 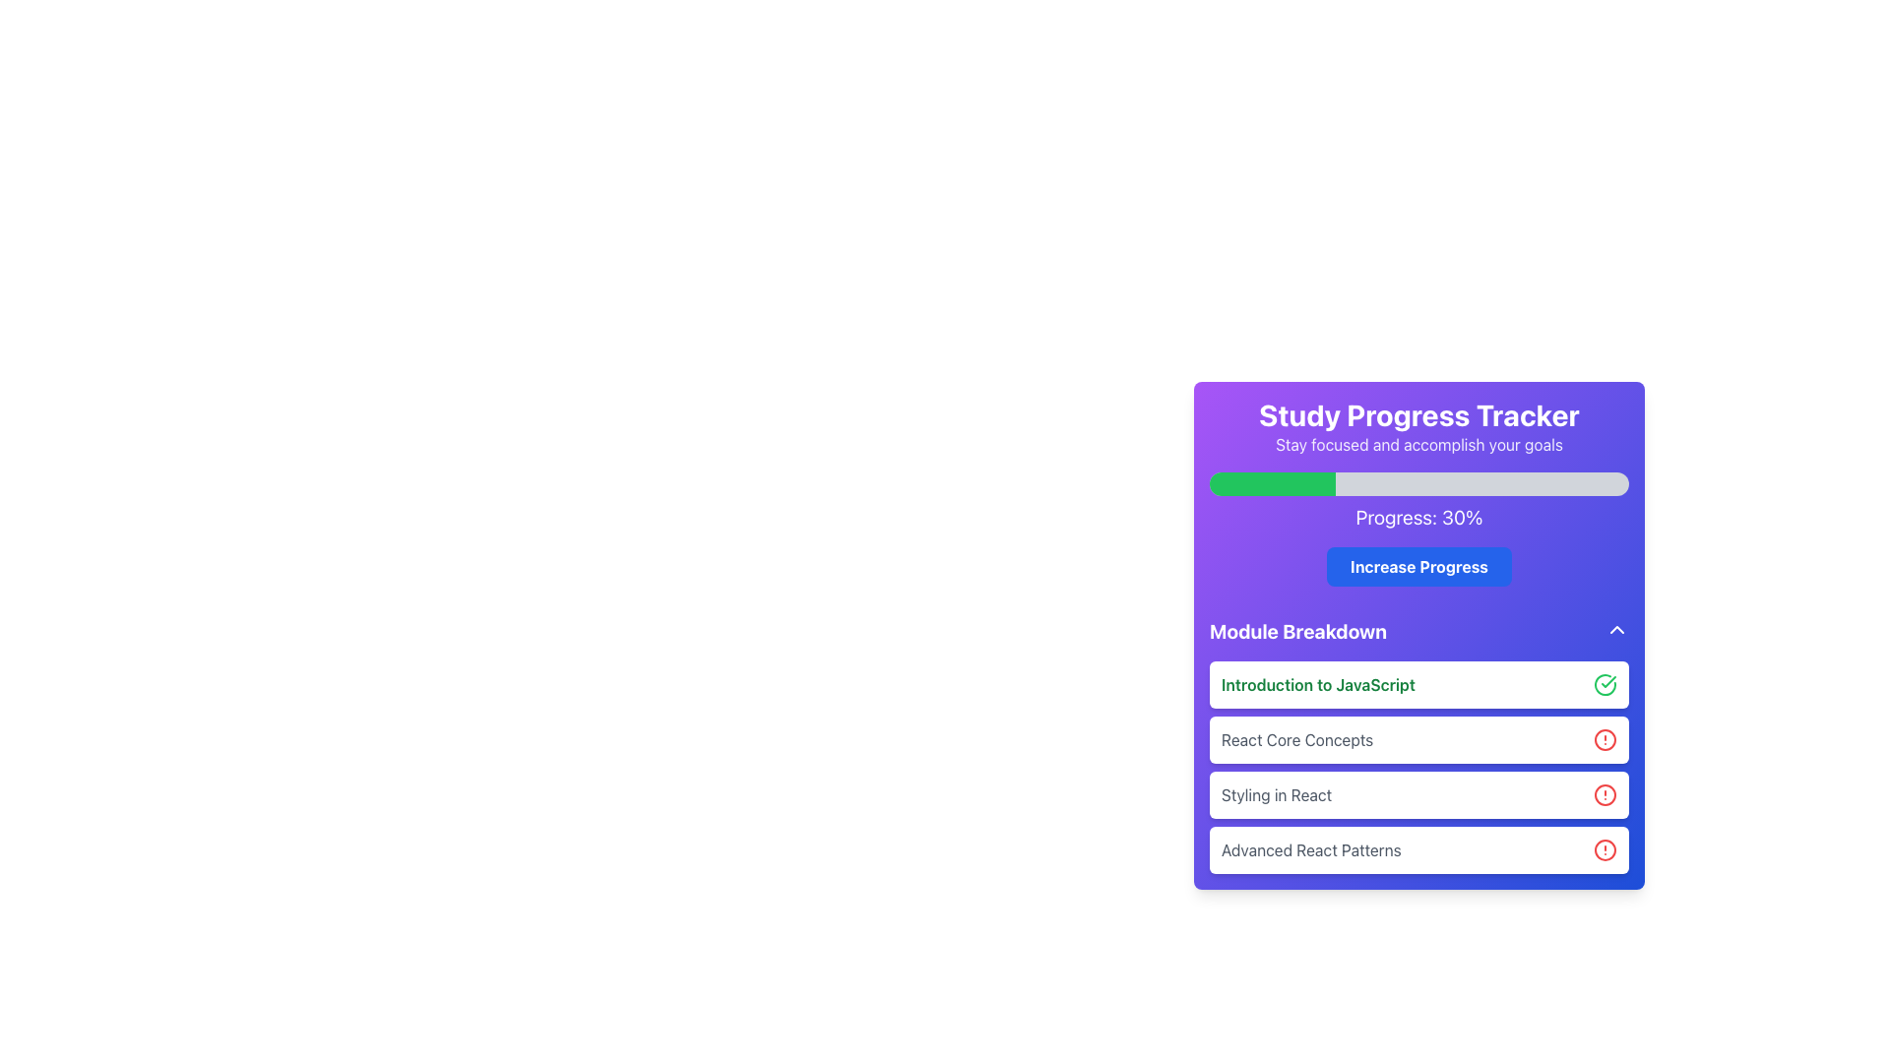 I want to click on the text element that displays the current progress percentage, located directly below the progress bar and above the 'Increase Progress' button, so click(x=1418, y=516).